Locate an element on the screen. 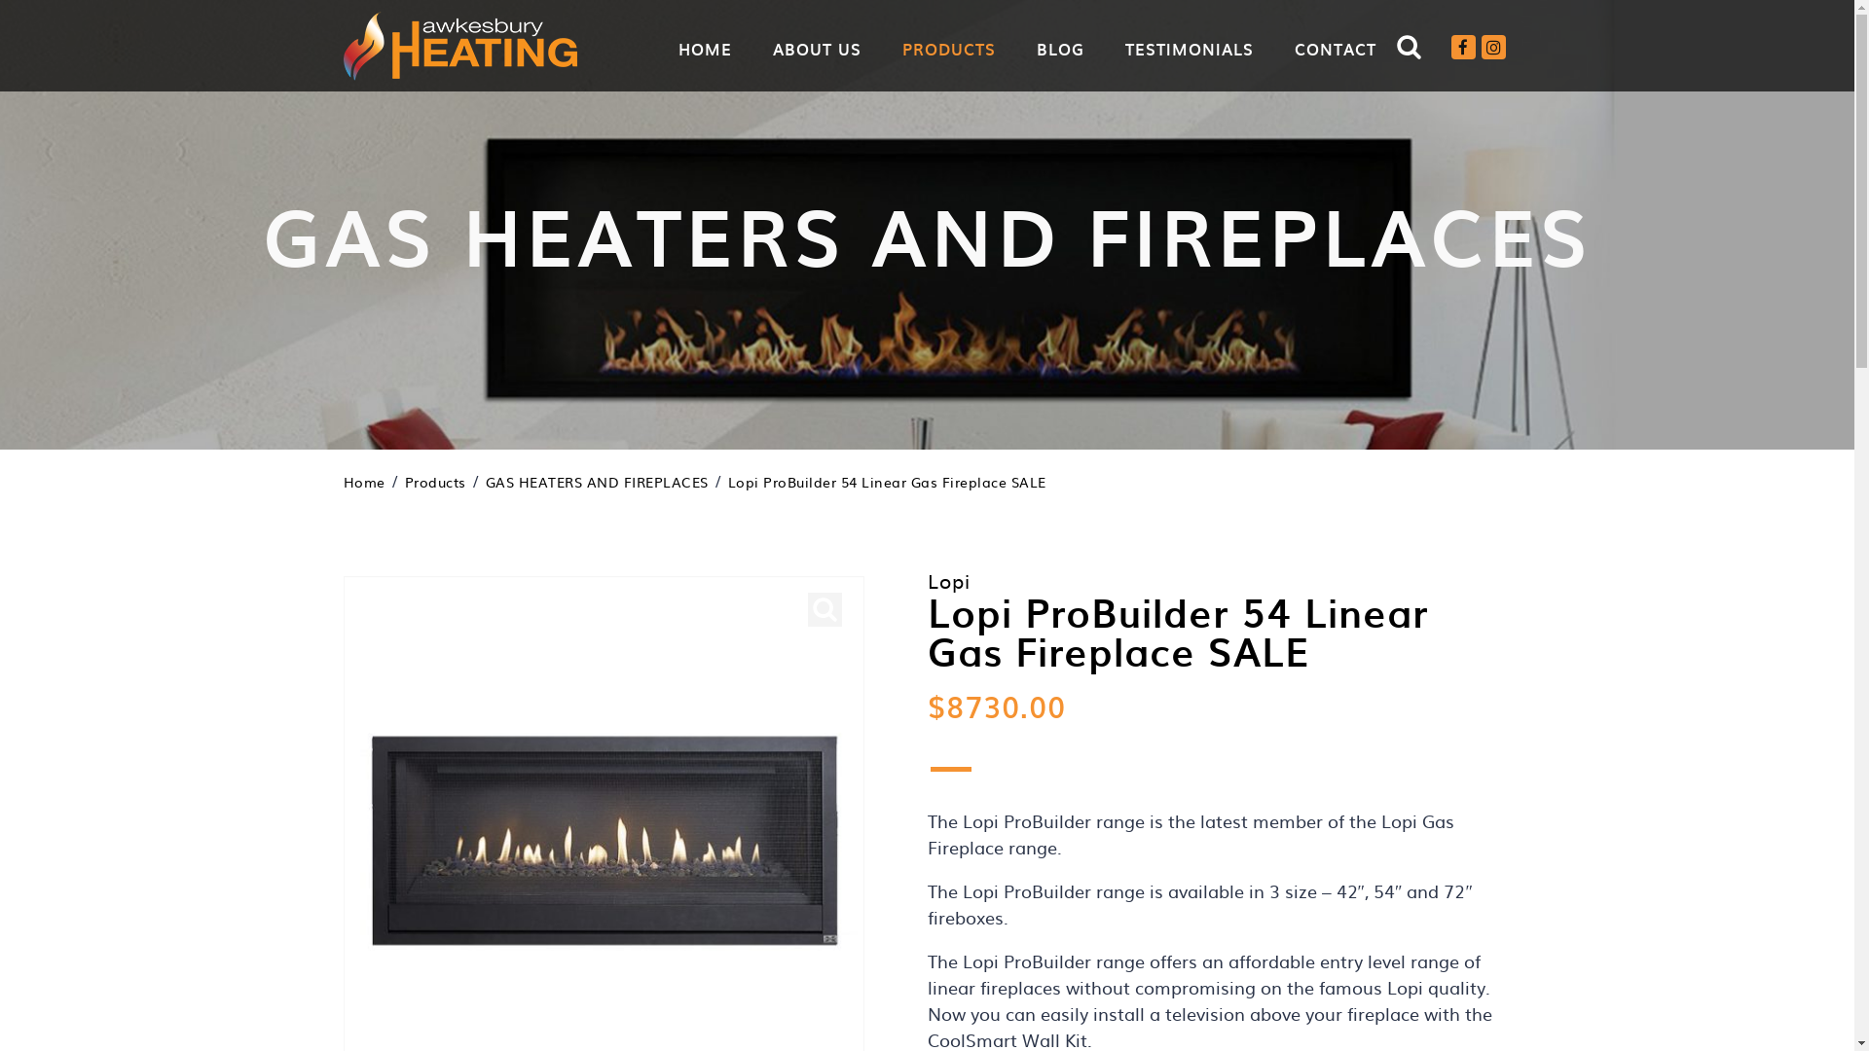  'Products' is located at coordinates (434, 481).